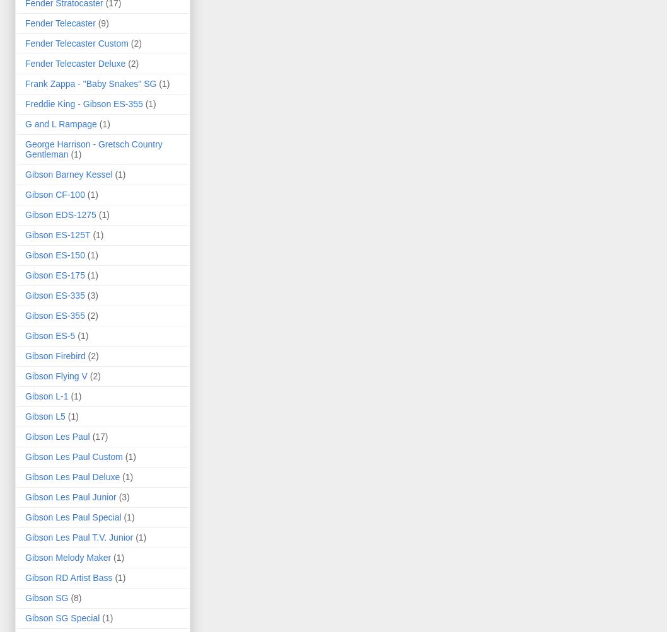 The image size is (667, 632). I want to click on 'Gibson ES-335', so click(54, 294).